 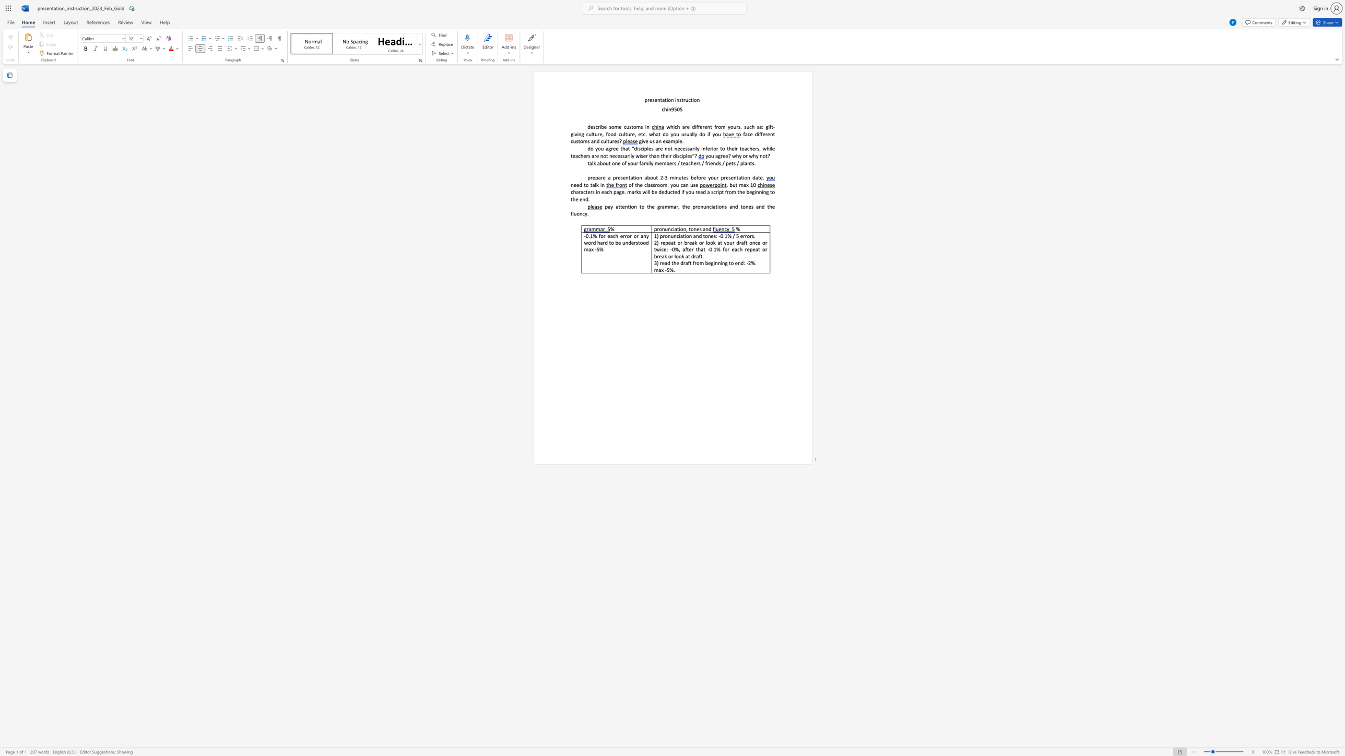 What do you see at coordinates (586, 185) in the screenshot?
I see `the subset text "o ta" within the text "need to talk in"` at bounding box center [586, 185].